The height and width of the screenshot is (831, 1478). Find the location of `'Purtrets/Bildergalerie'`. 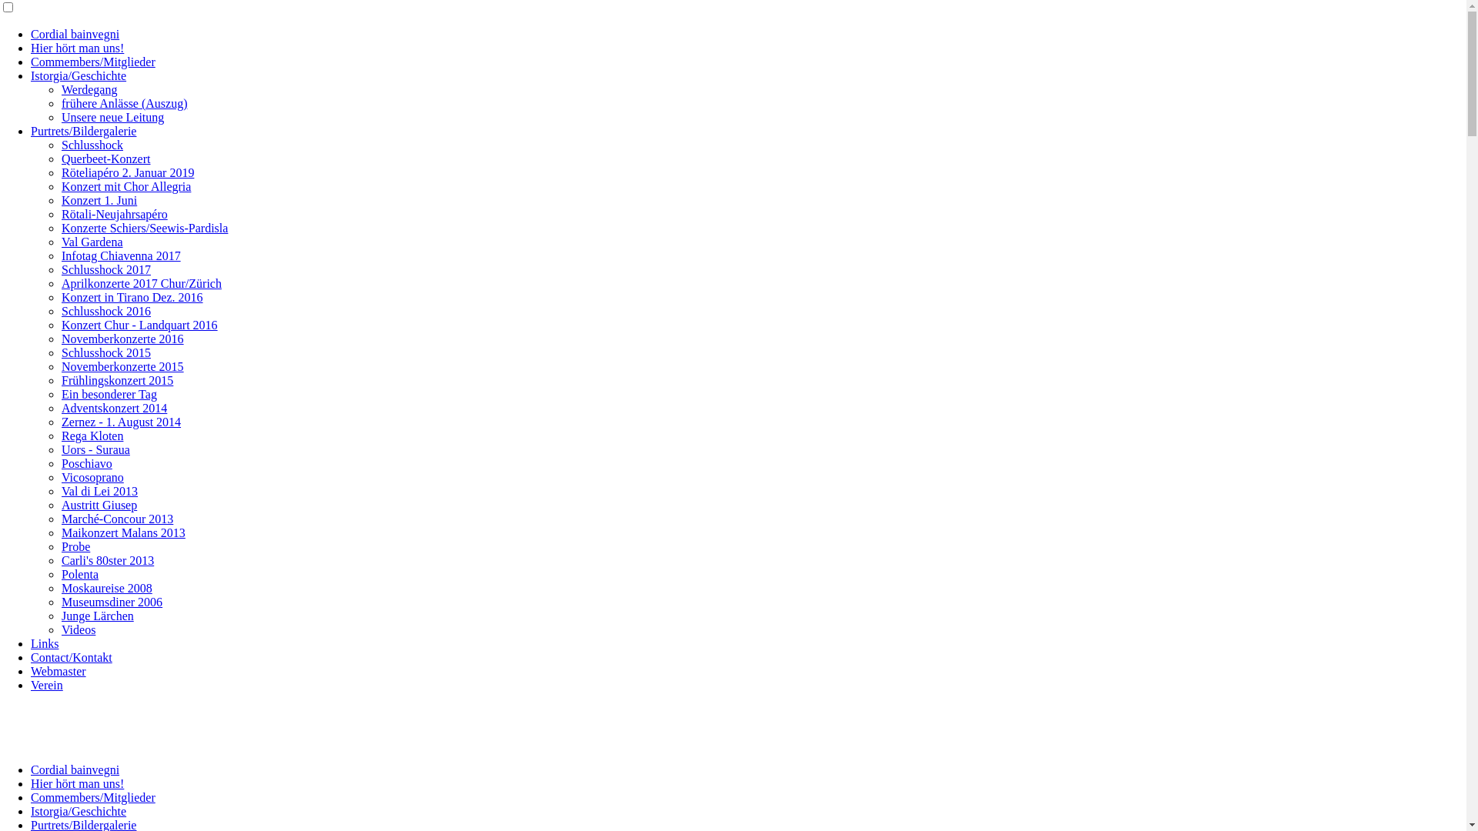

'Purtrets/Bildergalerie' is located at coordinates (82, 130).